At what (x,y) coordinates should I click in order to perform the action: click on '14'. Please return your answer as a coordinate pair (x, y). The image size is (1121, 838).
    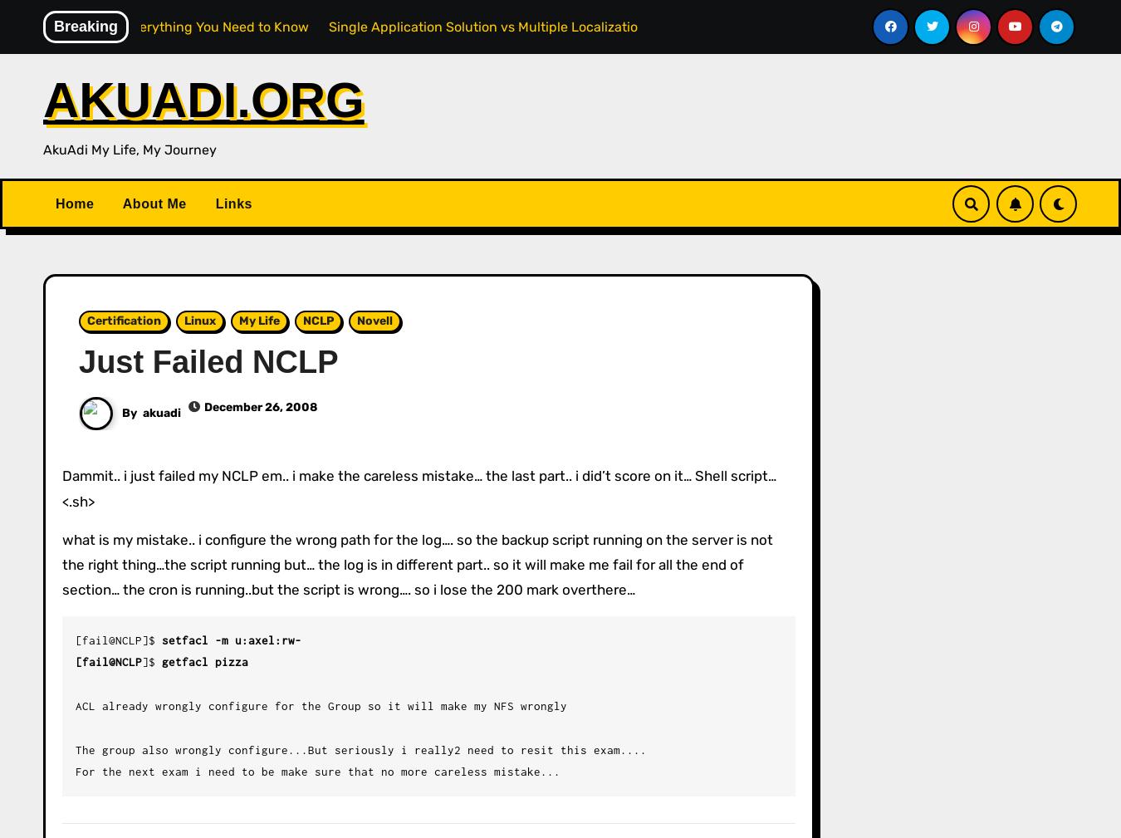
    Looking at the image, I should click on (908, 273).